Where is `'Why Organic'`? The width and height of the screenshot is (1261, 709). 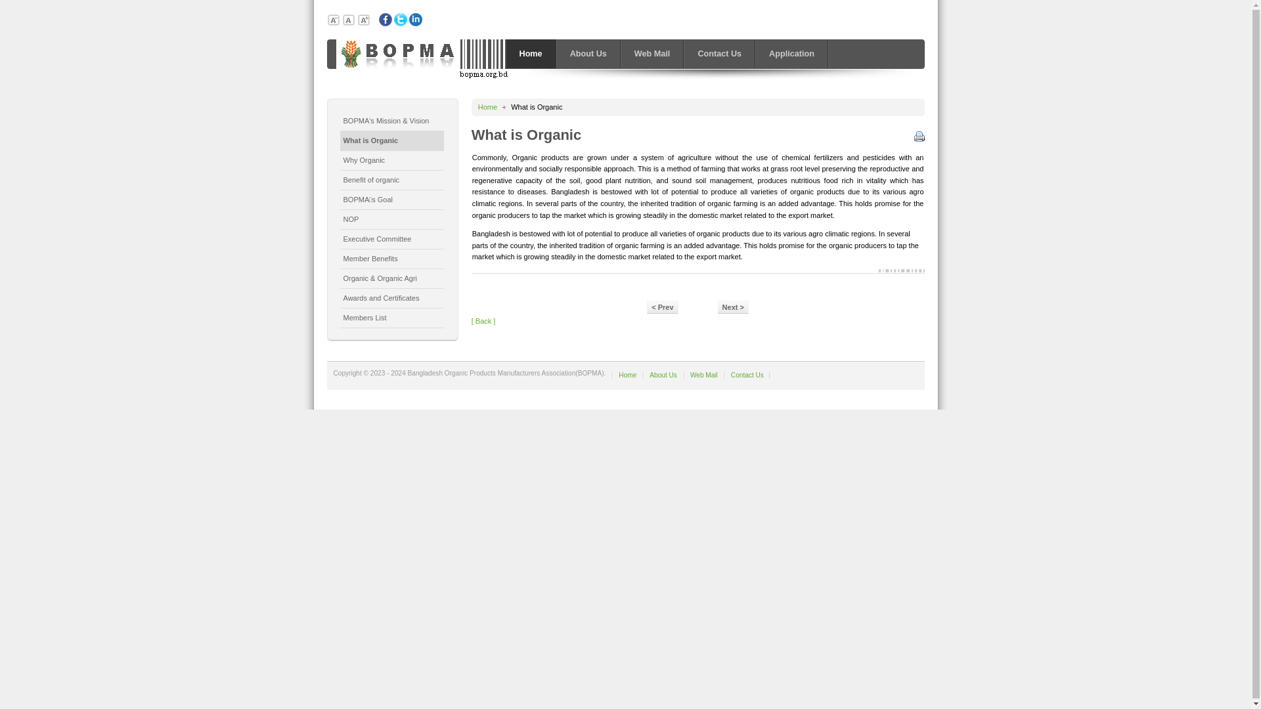
'Why Organic' is located at coordinates (391, 160).